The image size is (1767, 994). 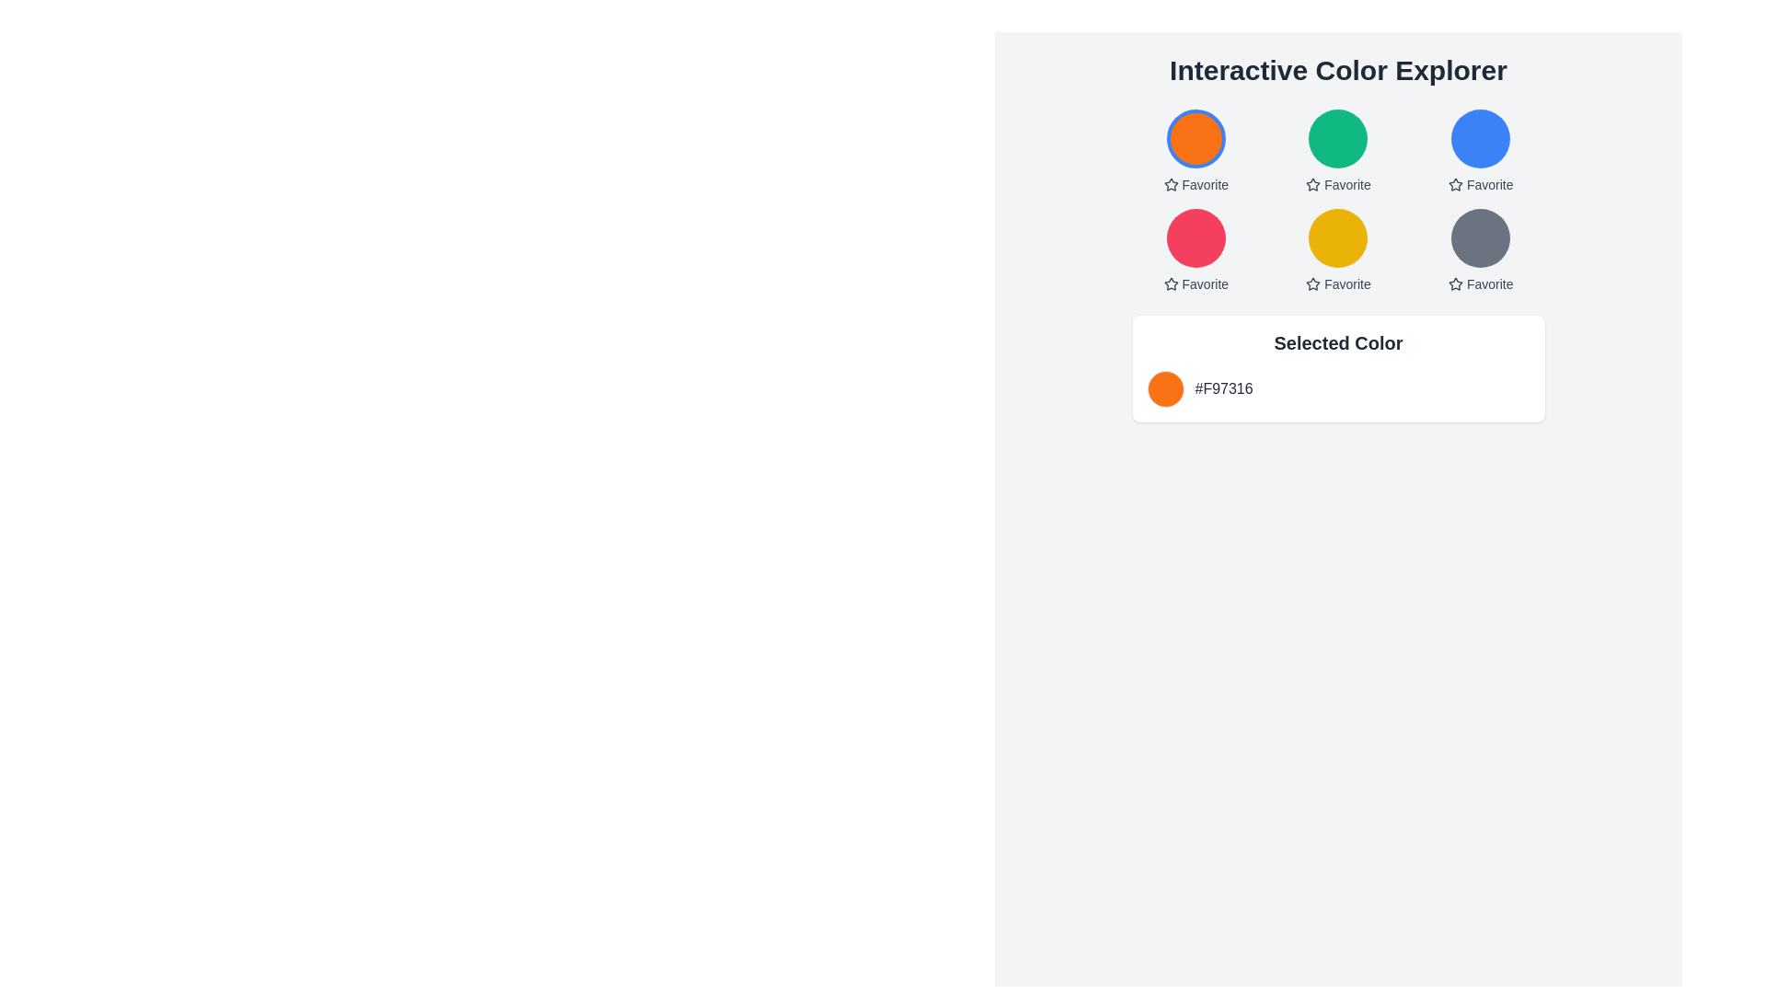 What do you see at coordinates (1170, 283) in the screenshot?
I see `the star-shaped outline icon located in the first column of the second row in the grid, which is associated with the 'Favorite' text` at bounding box center [1170, 283].